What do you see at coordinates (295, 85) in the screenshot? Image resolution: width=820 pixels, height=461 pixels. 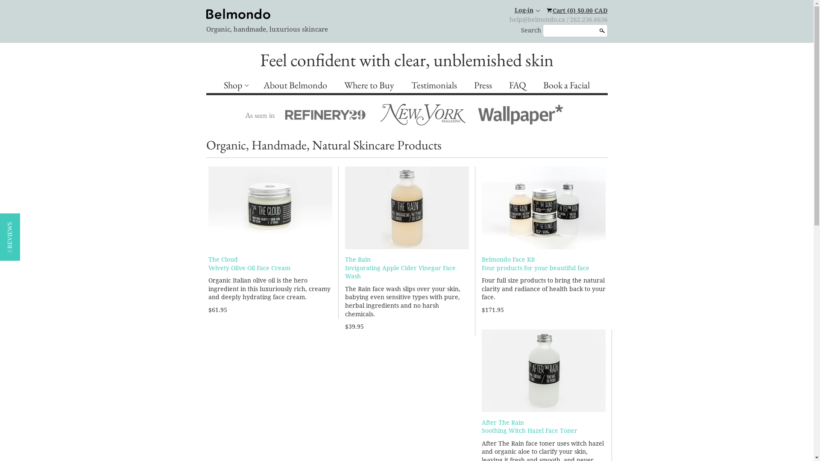 I see `'About Belmondo'` at bounding box center [295, 85].